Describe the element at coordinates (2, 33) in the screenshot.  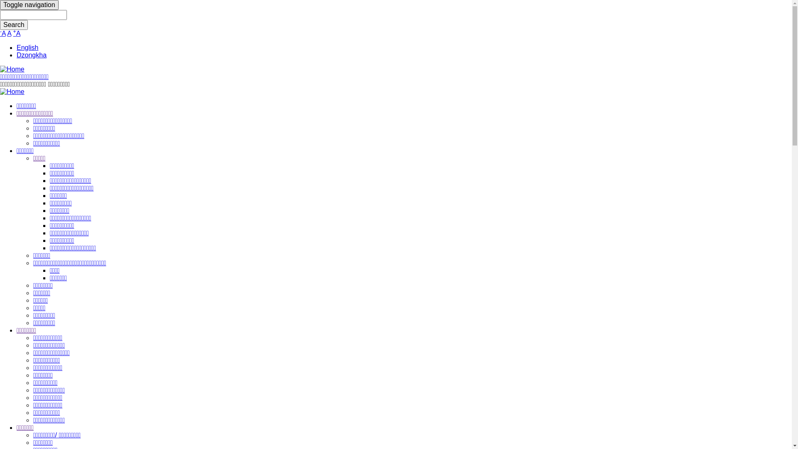
I see `'-A'` at that location.